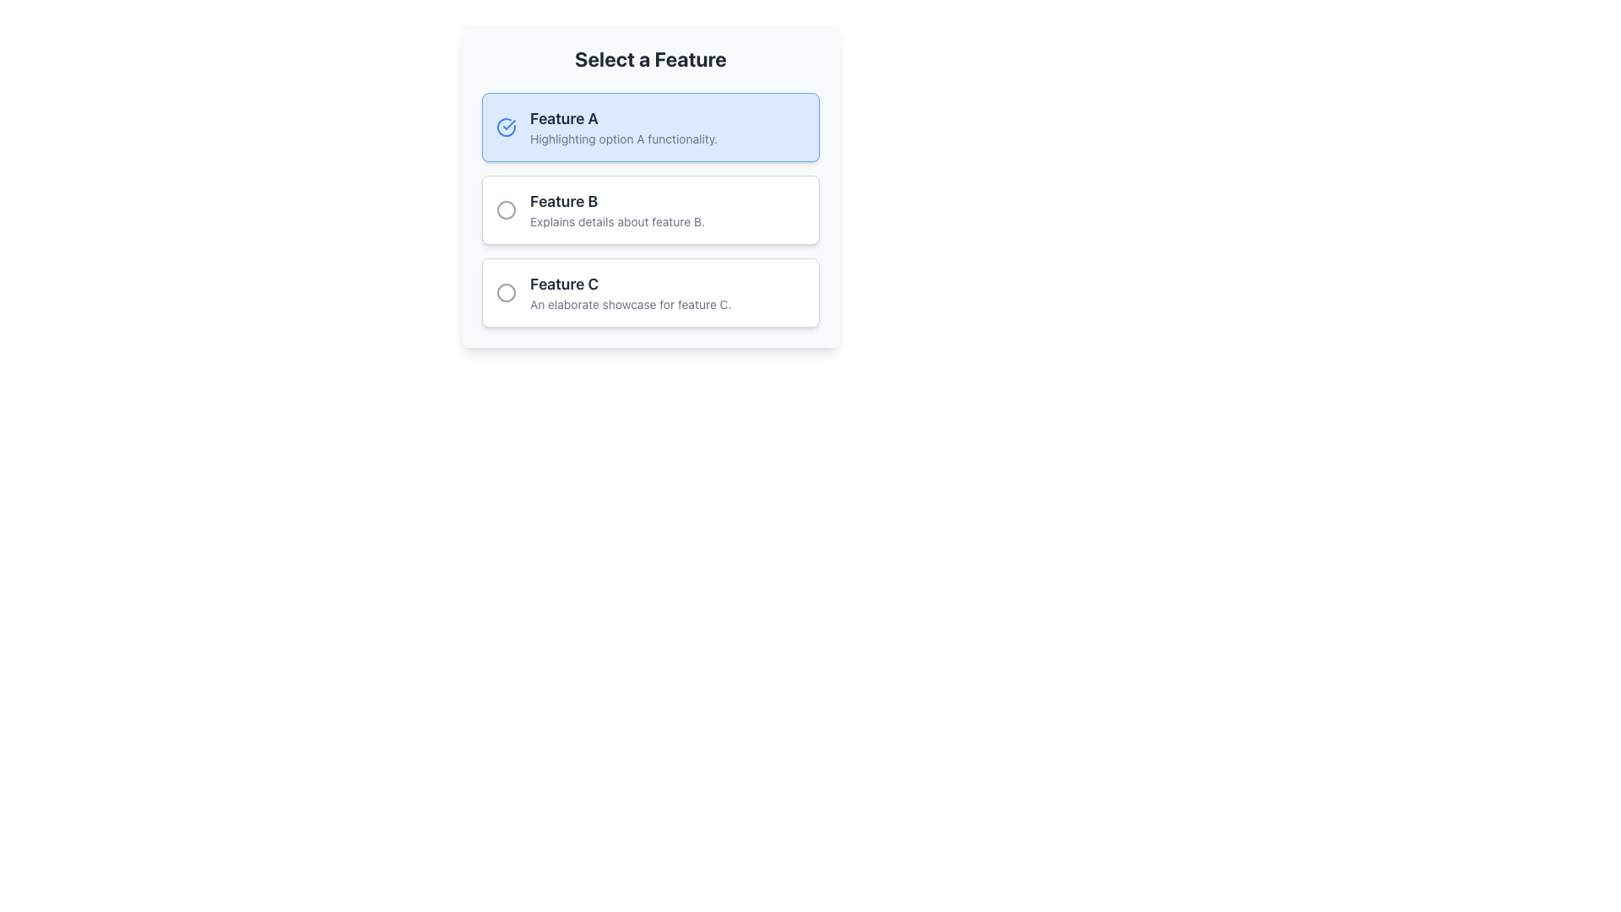  Describe the element at coordinates (506, 209) in the screenshot. I see `the radio button for 'Feature B' located to the left of the text 'Feature B Explains details about feature B'` at that location.